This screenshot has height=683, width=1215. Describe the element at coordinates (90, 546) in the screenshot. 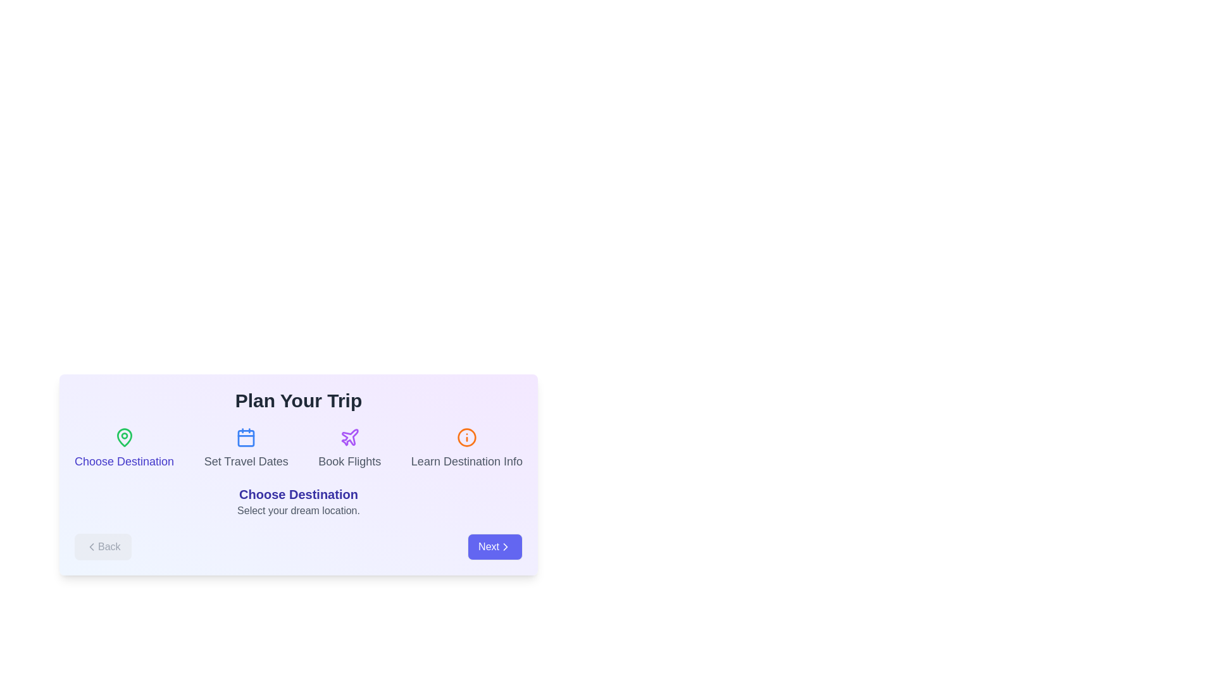

I see `the left-pointing chevron icon labeled 'Back' located in the lower-left corner of the interface` at that location.